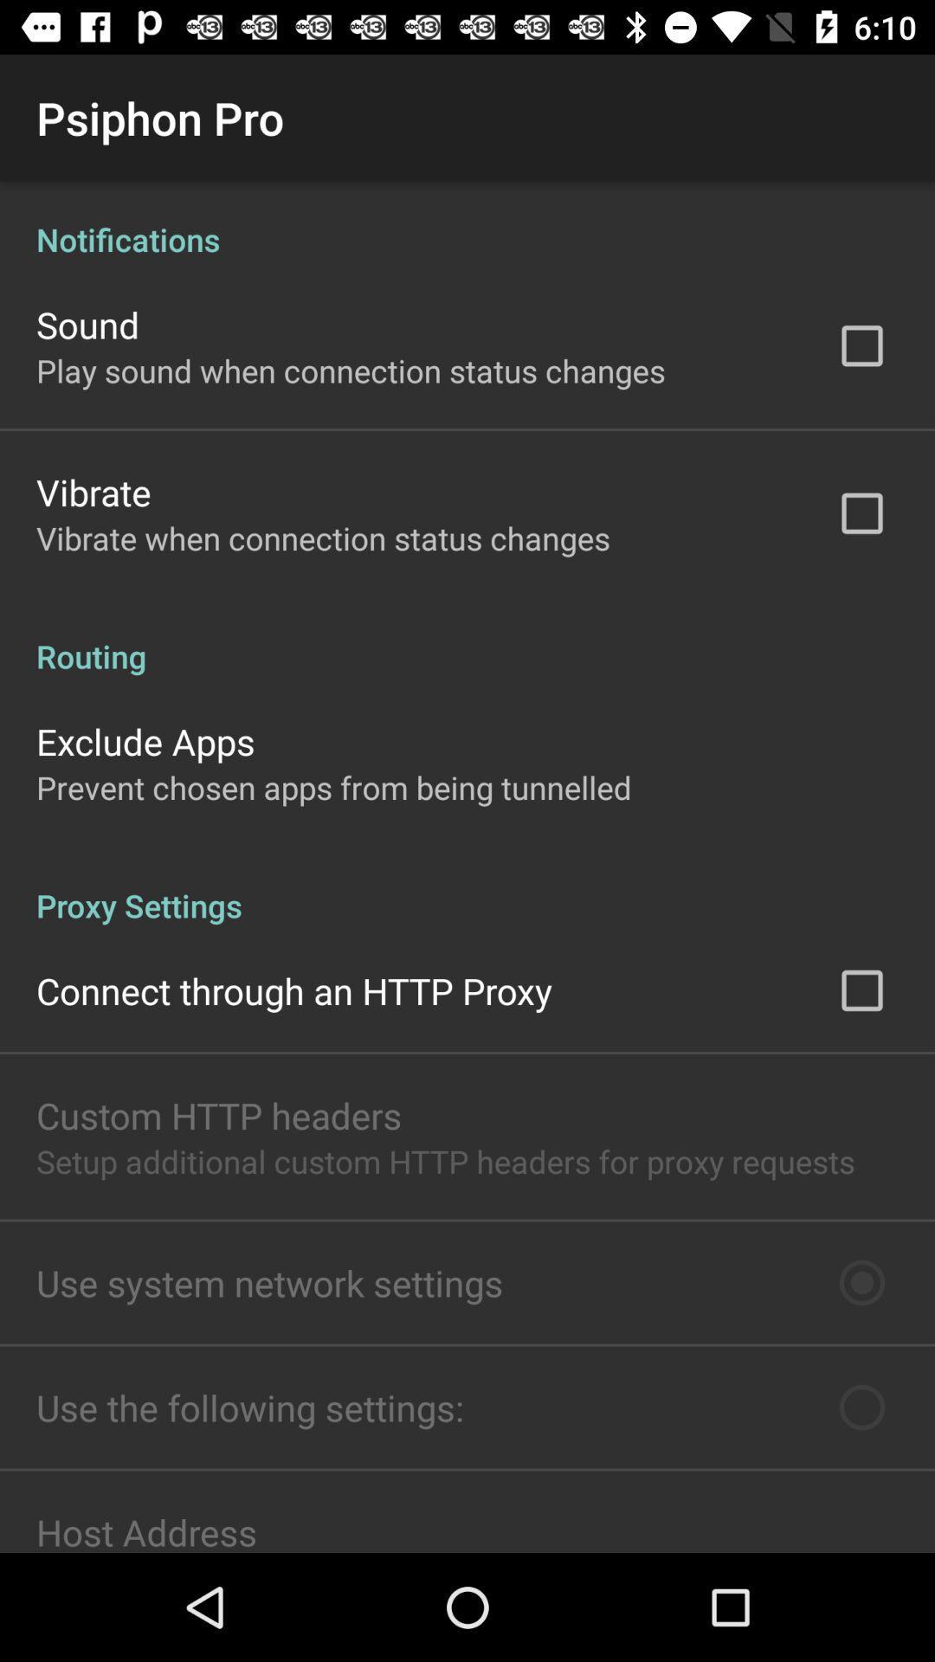 The image size is (935, 1662). I want to click on notifications item, so click(467, 220).